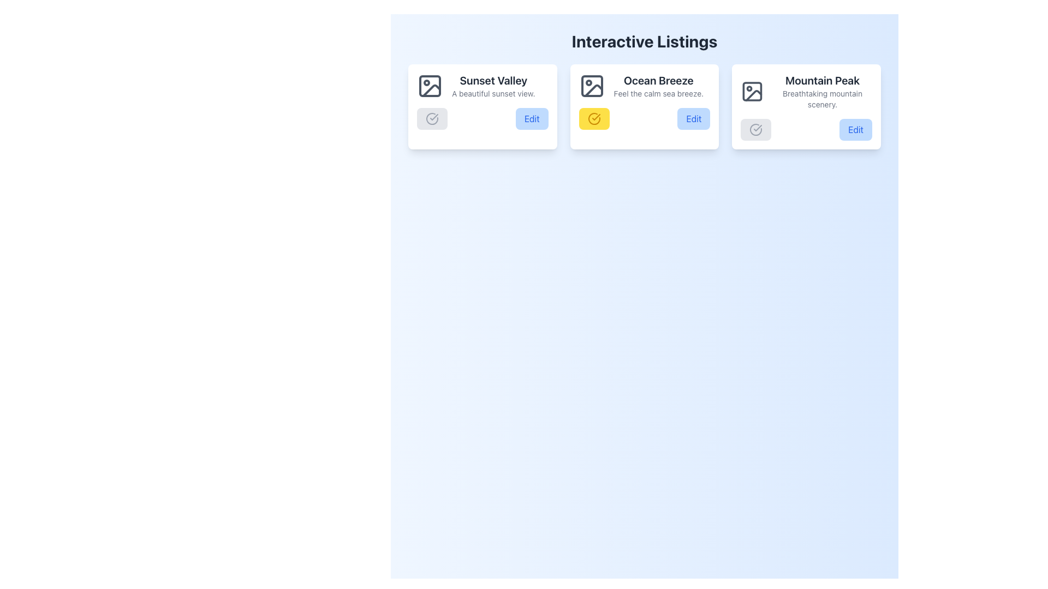 This screenshot has height=589, width=1048. I want to click on the descriptive caption text that summarizes the contents of the card in the 'Interactive Listings' section, positioned after the title 'Sunset Valley', so click(493, 93).